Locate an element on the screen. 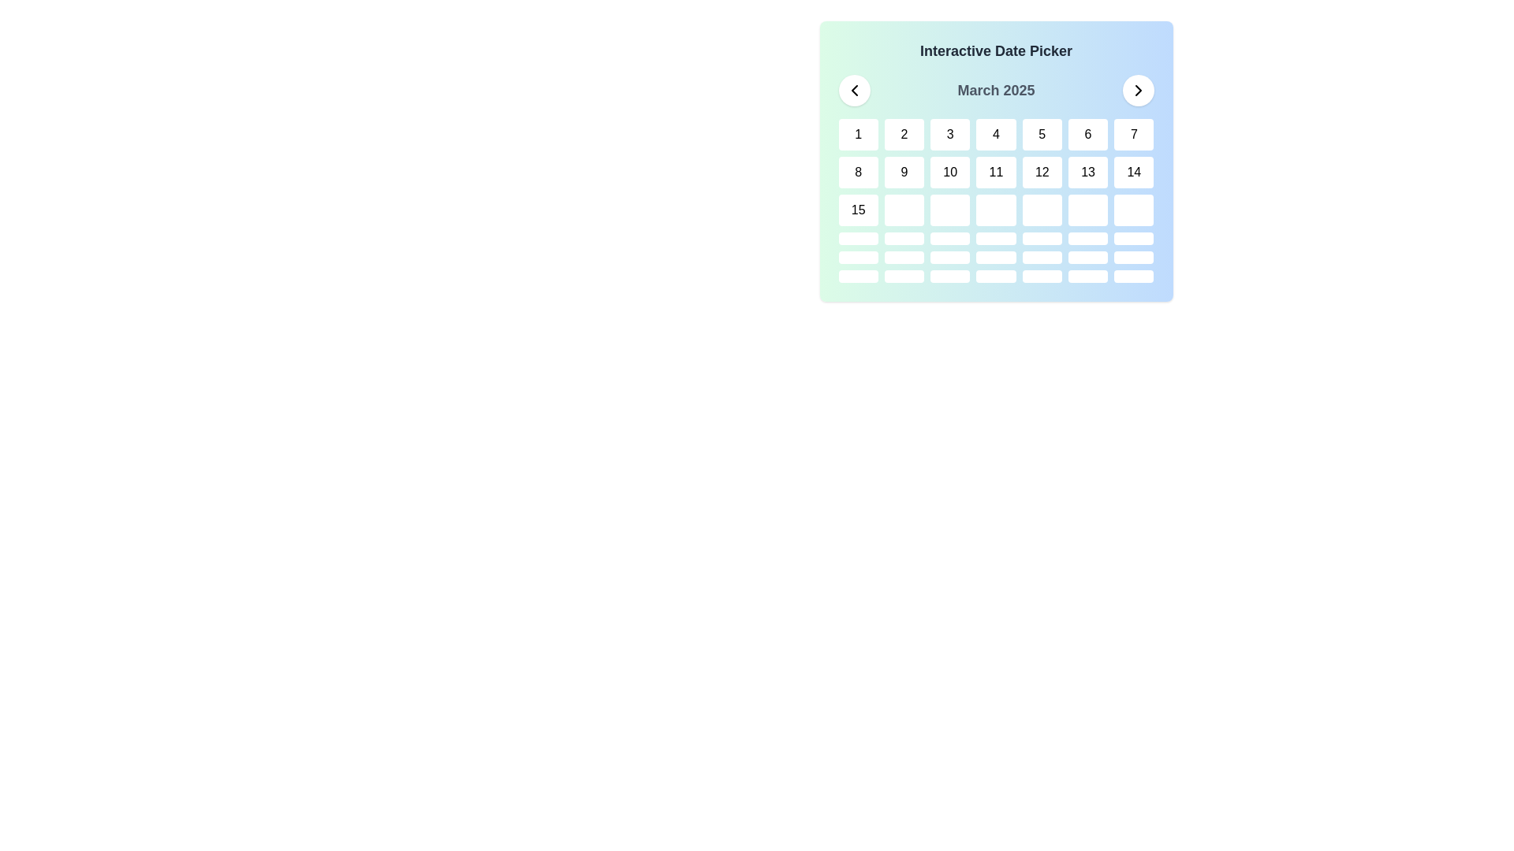  the rounded rectangular button with a white background located in the fifth column of the fourth row in the date picker grid to trigger hover effects is located at coordinates (1042, 209).